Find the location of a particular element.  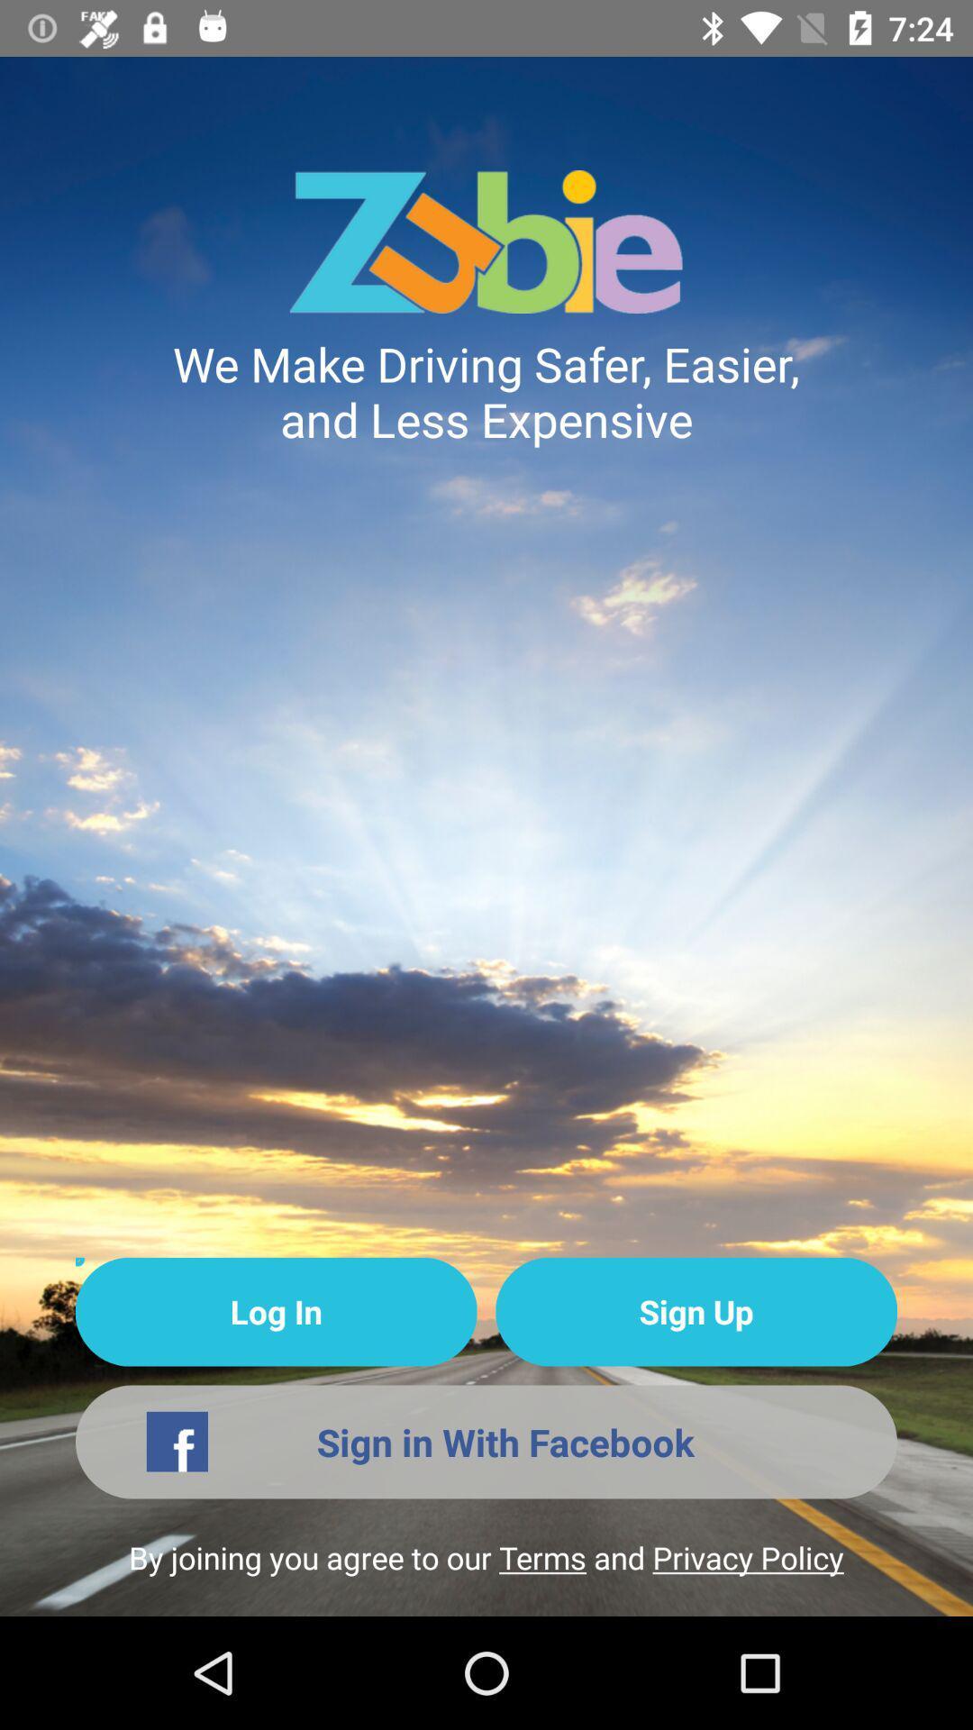

the by joining you item is located at coordinates (486, 1575).